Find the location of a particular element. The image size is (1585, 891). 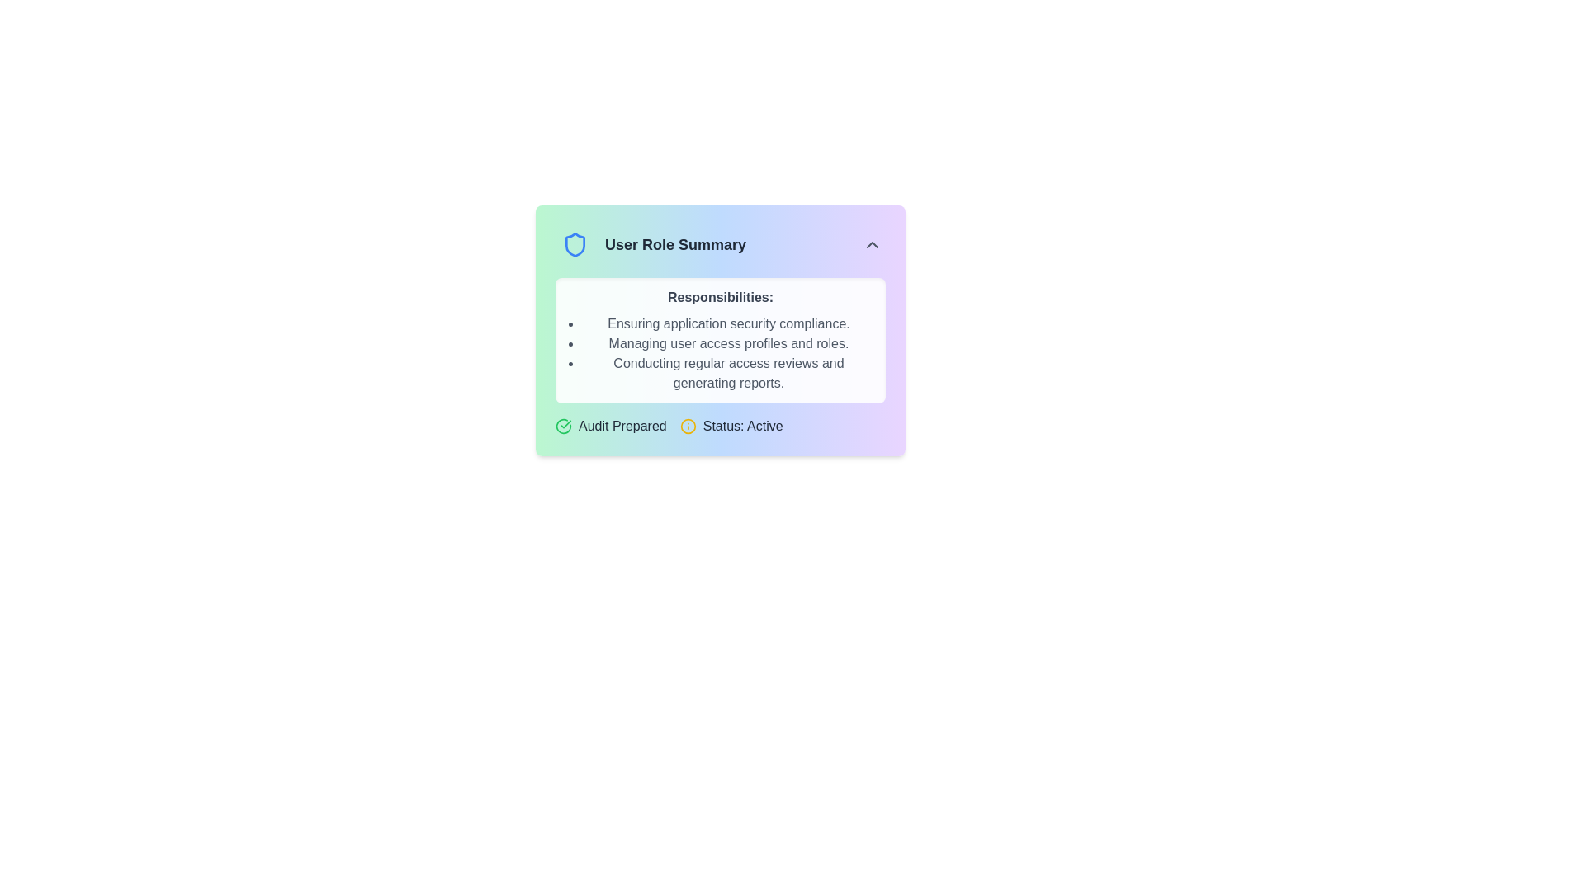

the 'Audit Prepared' label with a green-check icon, which is the first label in the group of status indicators below the 'Responsibilities' section is located at coordinates (610, 425).